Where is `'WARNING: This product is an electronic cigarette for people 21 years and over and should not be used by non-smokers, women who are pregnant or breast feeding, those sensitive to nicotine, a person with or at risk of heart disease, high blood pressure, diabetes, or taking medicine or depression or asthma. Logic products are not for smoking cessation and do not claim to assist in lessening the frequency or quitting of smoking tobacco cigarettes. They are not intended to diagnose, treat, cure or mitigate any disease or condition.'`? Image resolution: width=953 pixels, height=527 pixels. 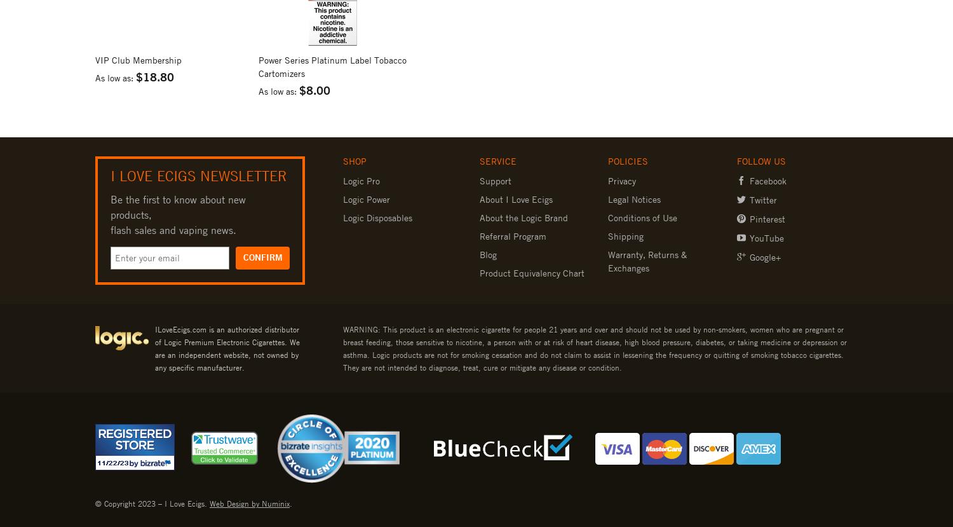
'WARNING: This product is an electronic cigarette for people 21 years and over and should not be used by non-smokers, women who are pregnant or breast feeding, those sensitive to nicotine, a person with or at risk of heart disease, high blood pressure, diabetes, or taking medicine or depression or asthma. Logic products are not for smoking cessation and do not claim to assist in lessening the frequency or quitting of smoking tobacco cigarettes. They are not intended to diagnose, treat, cure or mitigate any disease or condition.' is located at coordinates (595, 347).